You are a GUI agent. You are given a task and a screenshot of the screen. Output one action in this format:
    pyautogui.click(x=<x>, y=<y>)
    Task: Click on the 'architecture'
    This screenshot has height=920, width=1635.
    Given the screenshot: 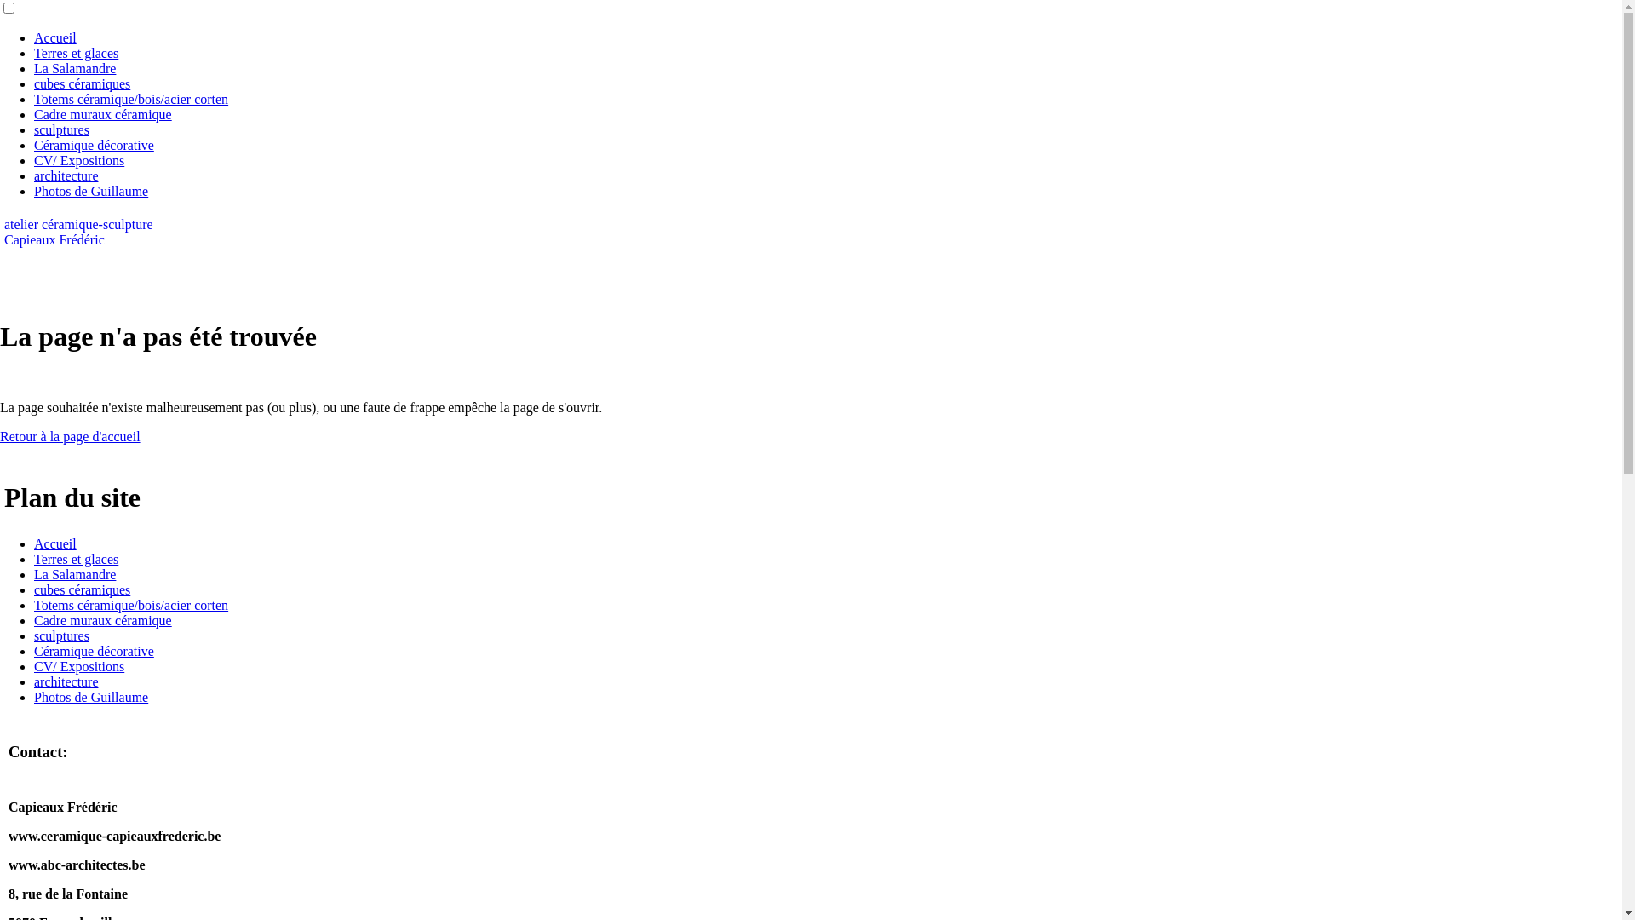 What is the action you would take?
    pyautogui.click(x=66, y=681)
    